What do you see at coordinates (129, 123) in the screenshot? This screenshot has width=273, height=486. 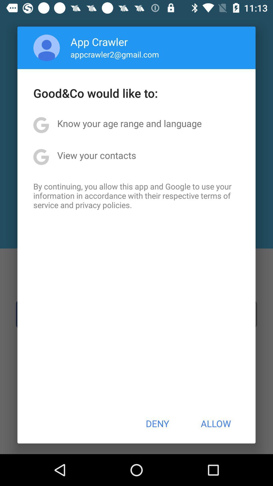 I see `icon above the view your contacts icon` at bounding box center [129, 123].